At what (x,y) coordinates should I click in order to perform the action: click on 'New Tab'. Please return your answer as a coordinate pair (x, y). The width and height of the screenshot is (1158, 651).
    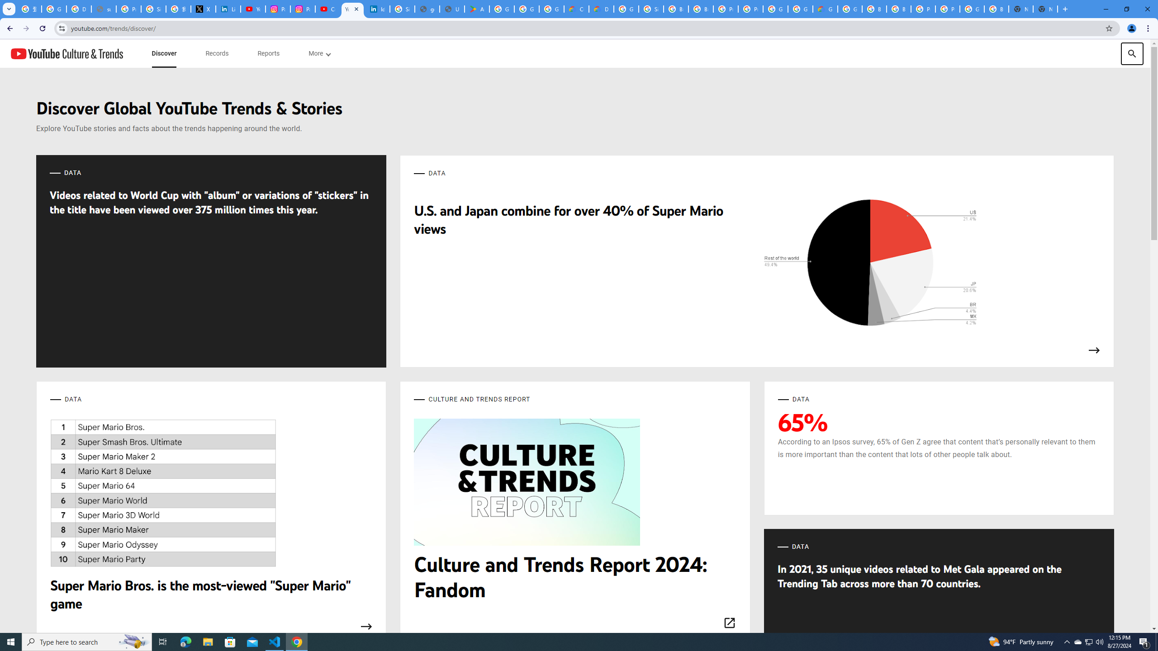
    Looking at the image, I should click on (1045, 9).